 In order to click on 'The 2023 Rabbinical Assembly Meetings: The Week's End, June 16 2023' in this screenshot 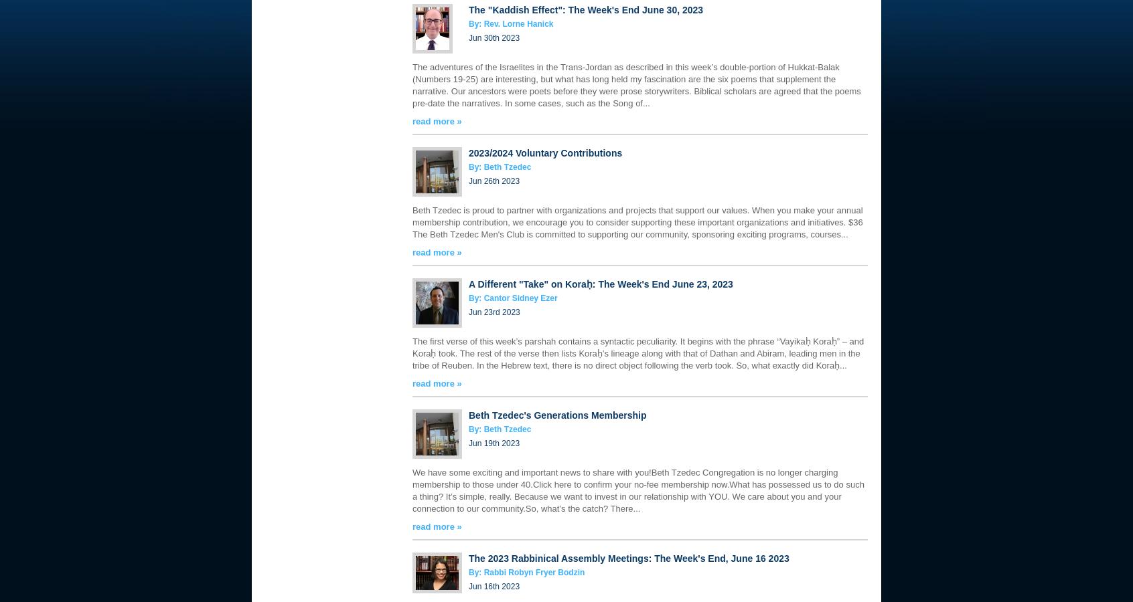, I will do `click(468, 559)`.